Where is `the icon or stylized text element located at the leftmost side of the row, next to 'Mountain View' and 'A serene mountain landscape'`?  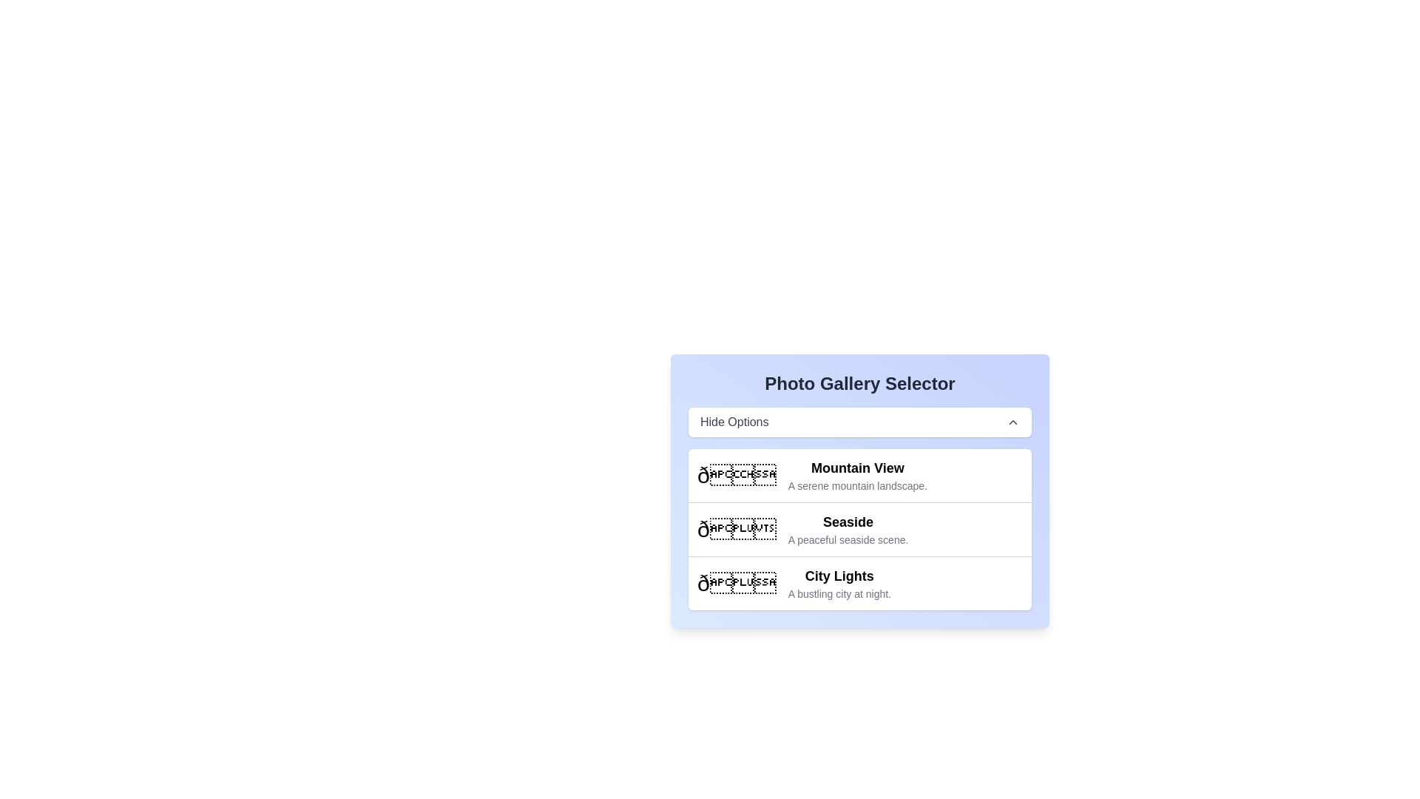 the icon or stylized text element located at the leftmost side of the row, next to 'Mountain View' and 'A serene mountain landscape' is located at coordinates (737, 476).